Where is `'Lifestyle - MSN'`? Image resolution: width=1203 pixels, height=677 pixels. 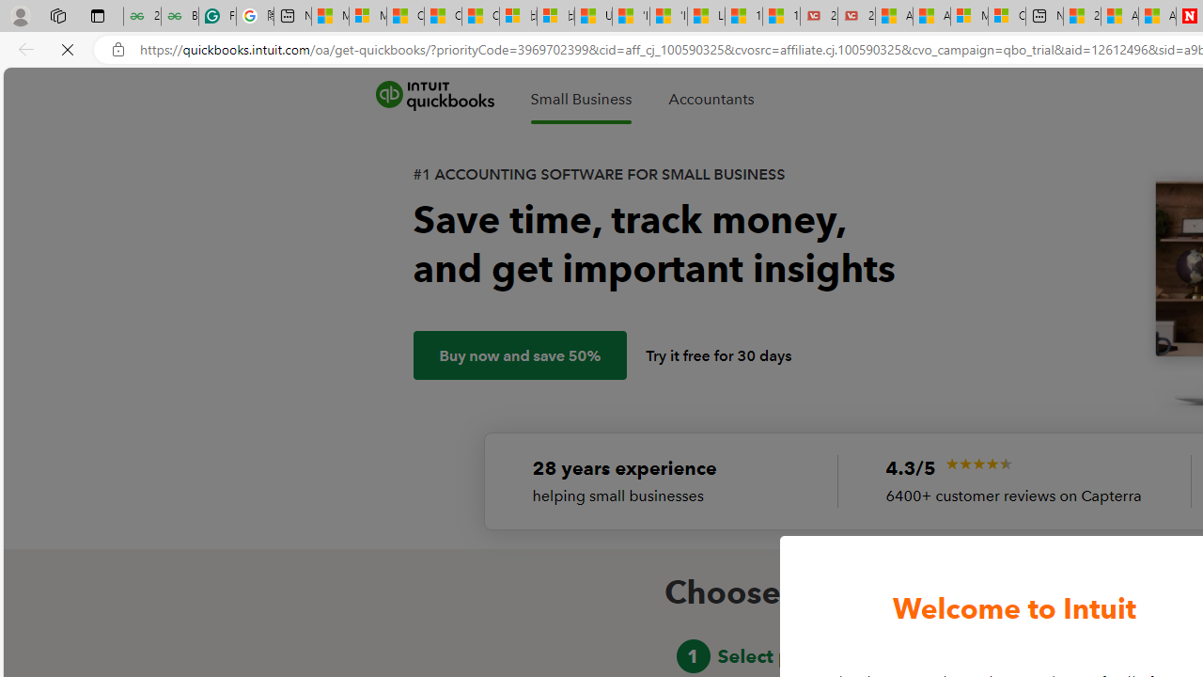 'Lifestyle - MSN' is located at coordinates (705, 16).